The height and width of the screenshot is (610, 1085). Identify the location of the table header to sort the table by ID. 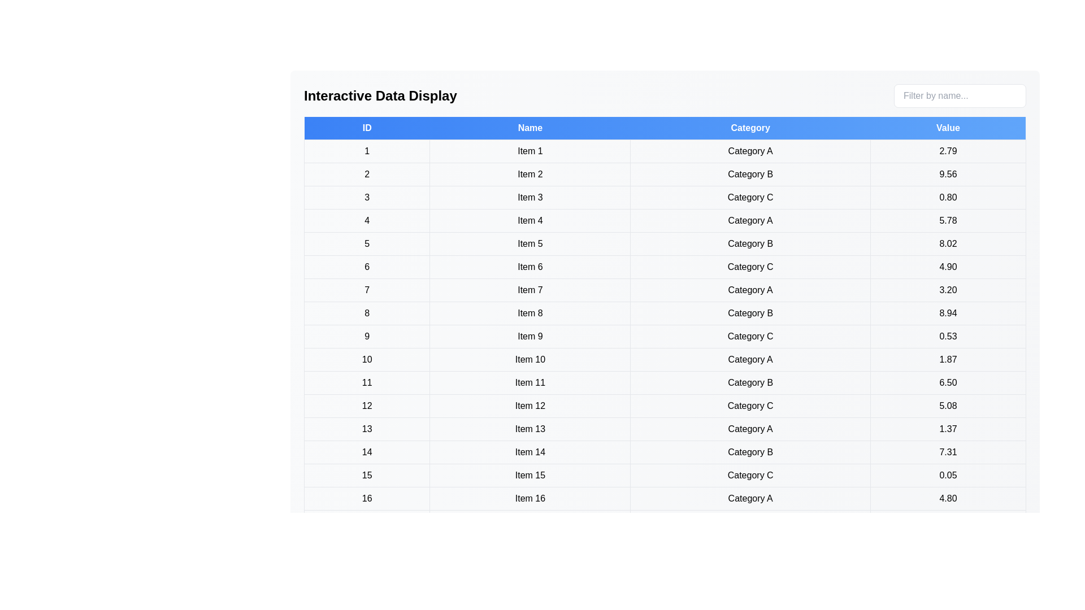
(367, 128).